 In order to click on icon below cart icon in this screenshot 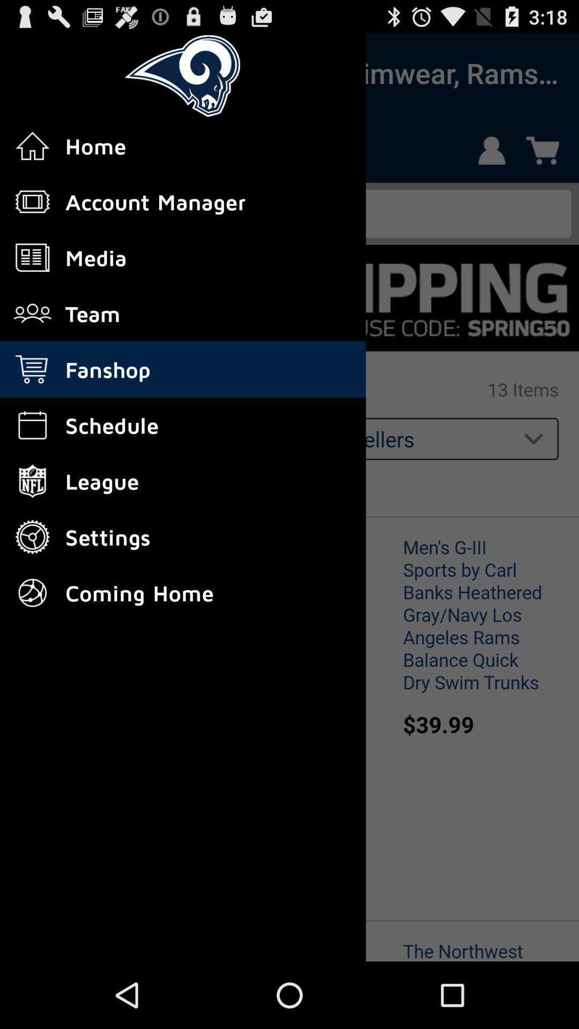, I will do `click(32, 424)`.